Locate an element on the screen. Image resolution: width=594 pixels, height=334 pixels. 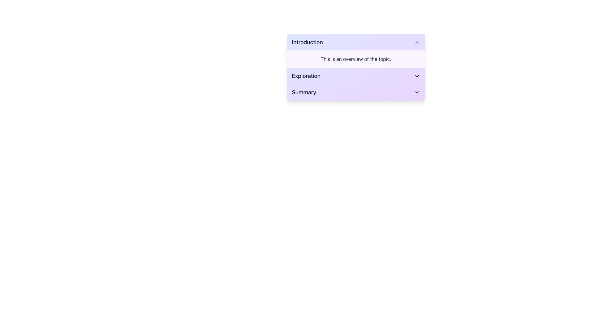
the informational text block located directly below the 'Introduction' heading, which serves as a description and is non-interactive is located at coordinates (356, 59).